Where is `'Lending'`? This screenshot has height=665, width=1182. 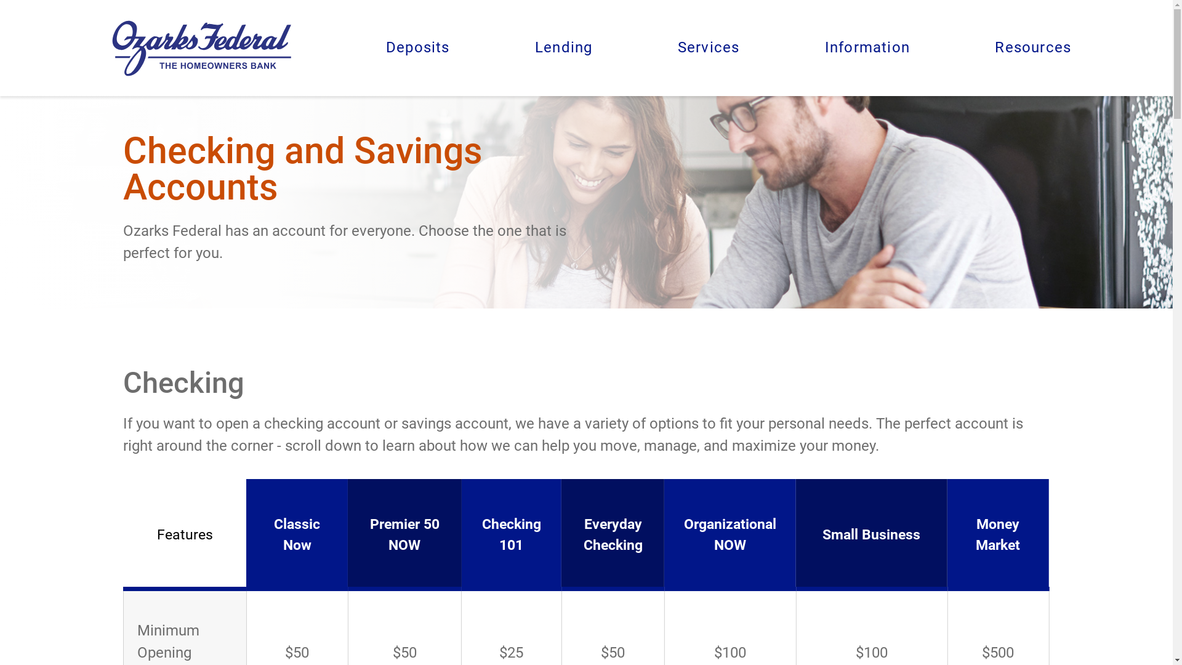 'Lending' is located at coordinates (563, 47).